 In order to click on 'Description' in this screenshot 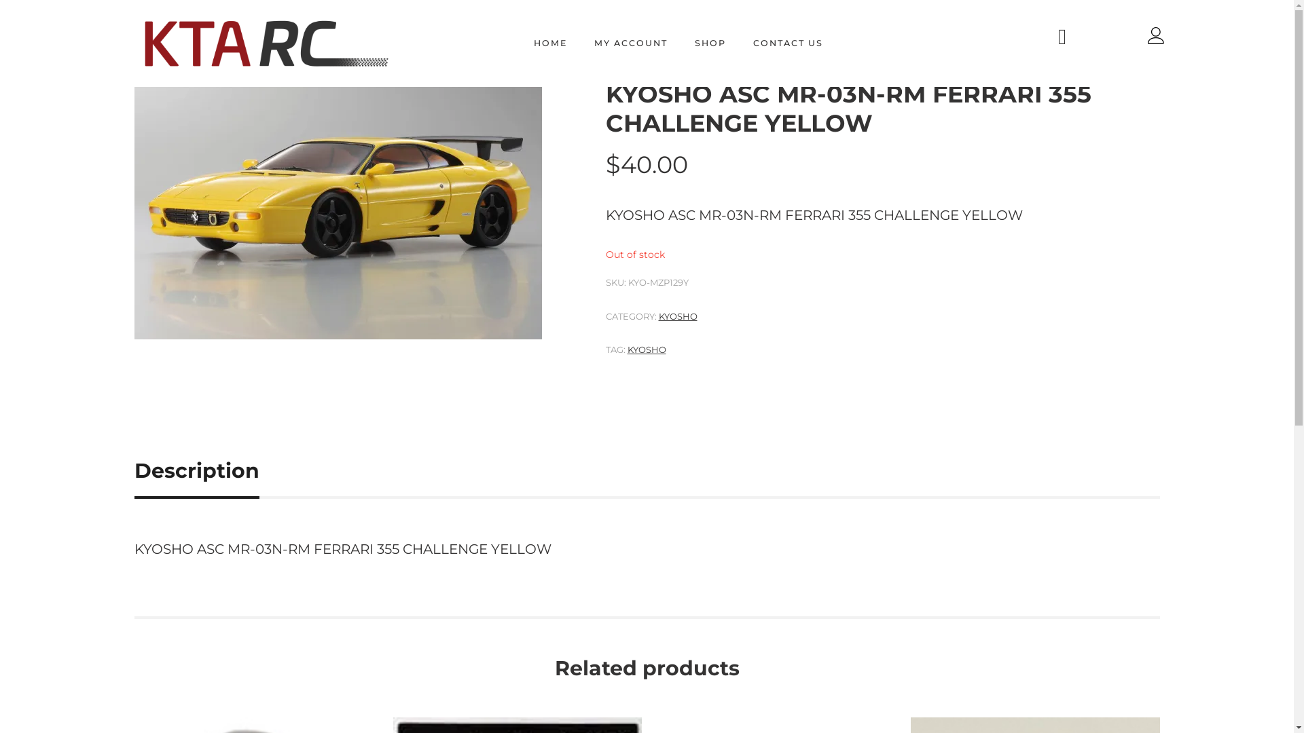, I will do `click(134, 471)`.